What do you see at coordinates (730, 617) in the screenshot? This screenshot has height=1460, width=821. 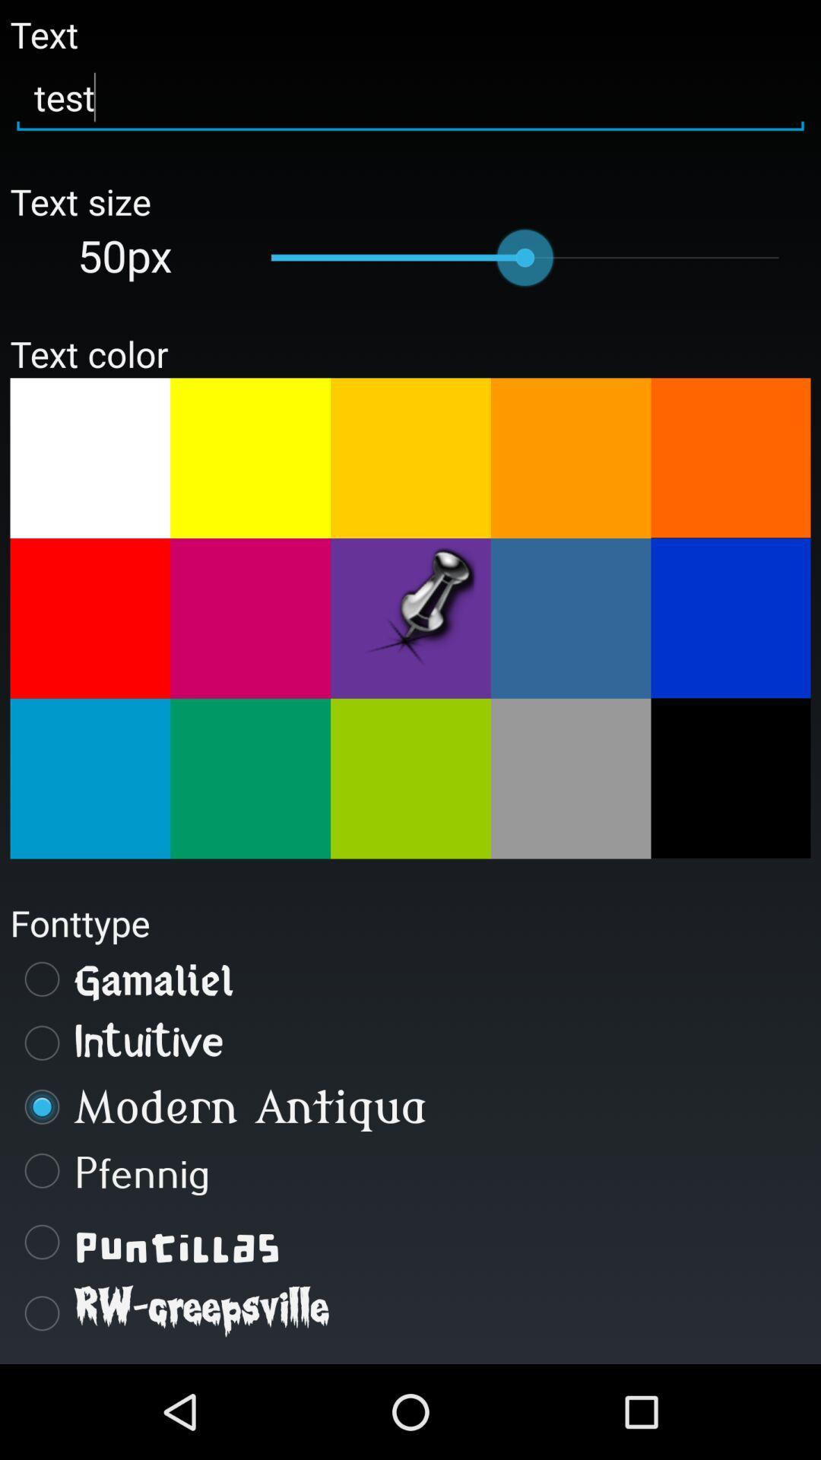 I see `change color to blue` at bounding box center [730, 617].